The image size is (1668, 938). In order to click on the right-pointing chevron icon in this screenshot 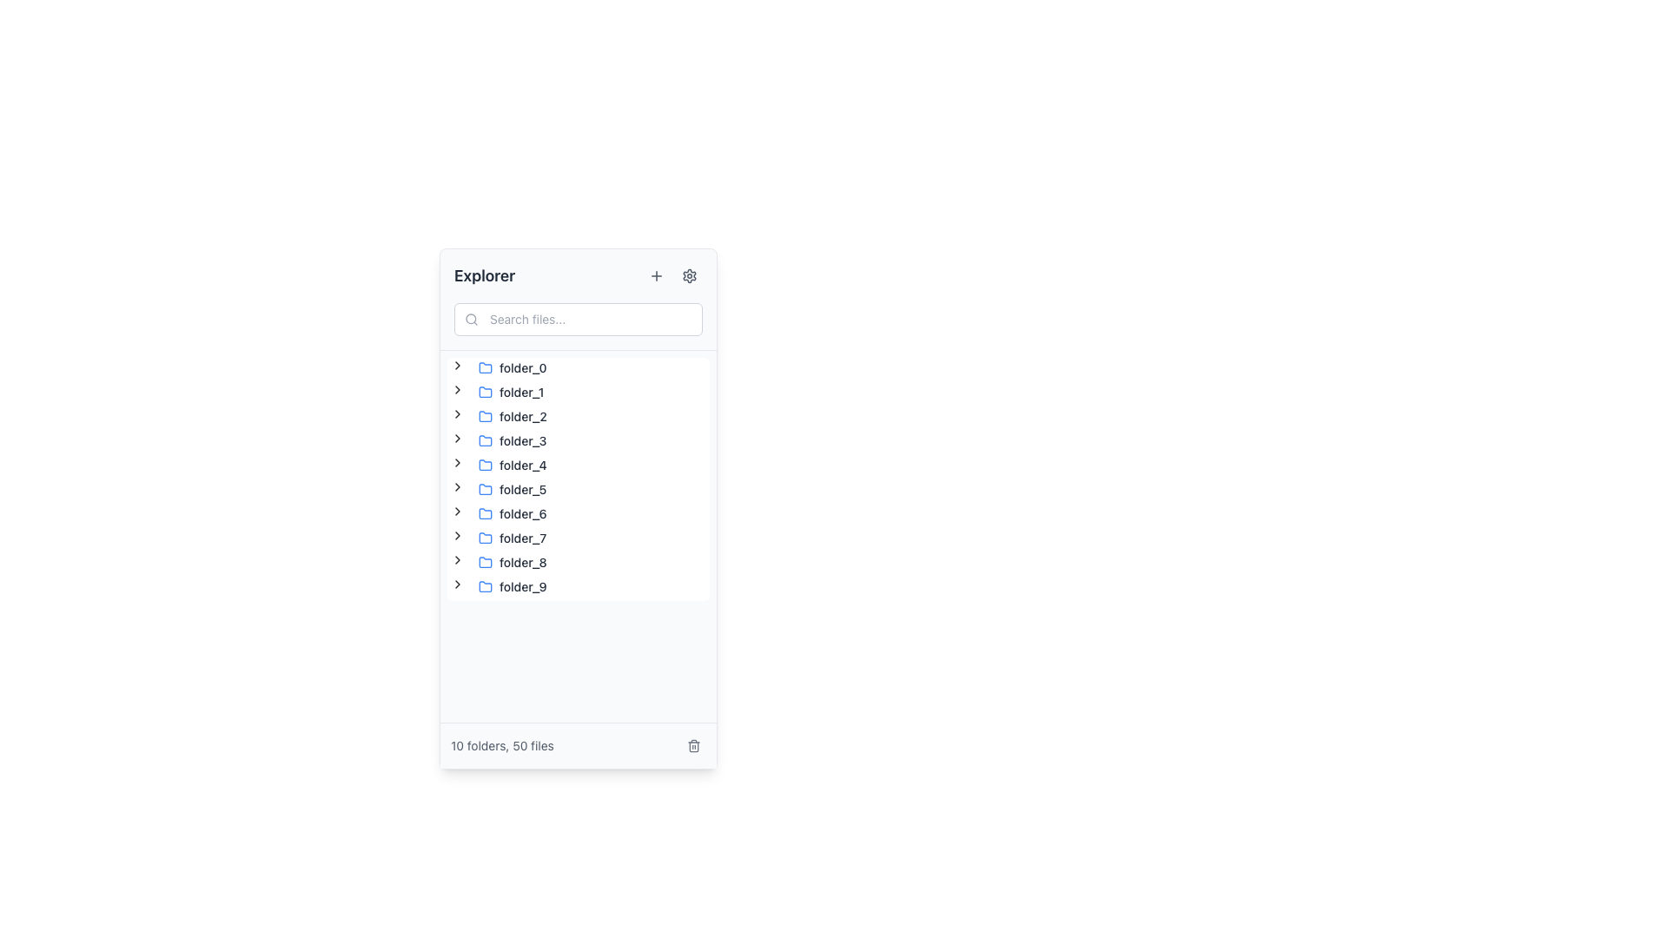, I will do `click(458, 364)`.